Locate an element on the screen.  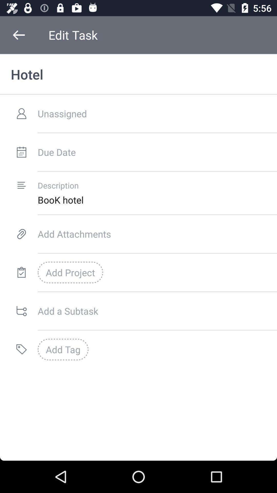
add project icon is located at coordinates (70, 272).